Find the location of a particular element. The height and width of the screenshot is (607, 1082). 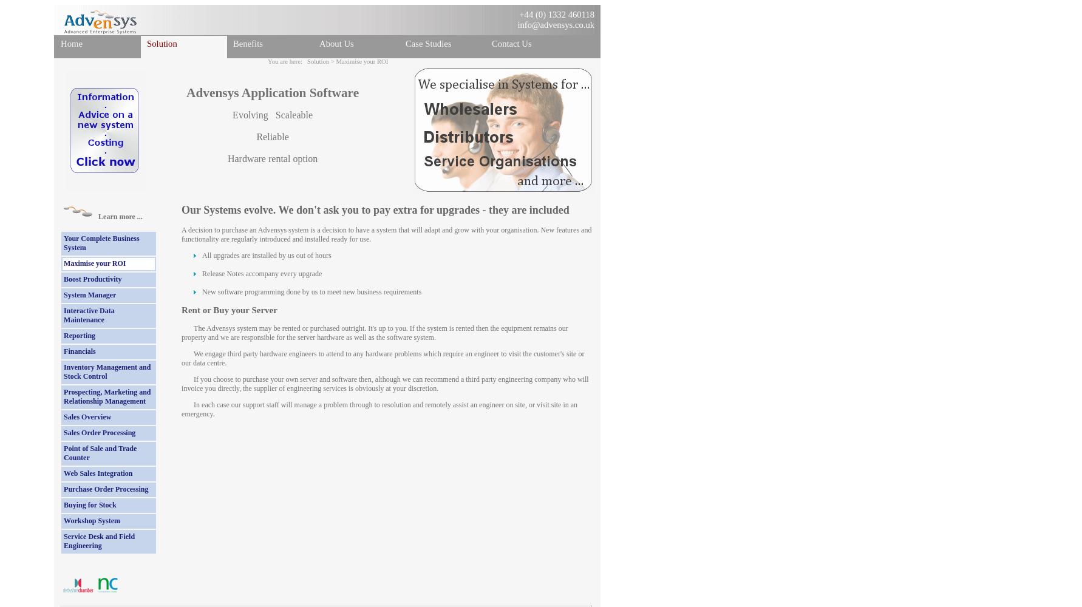

'Advensys Application Software' is located at coordinates (272, 93).